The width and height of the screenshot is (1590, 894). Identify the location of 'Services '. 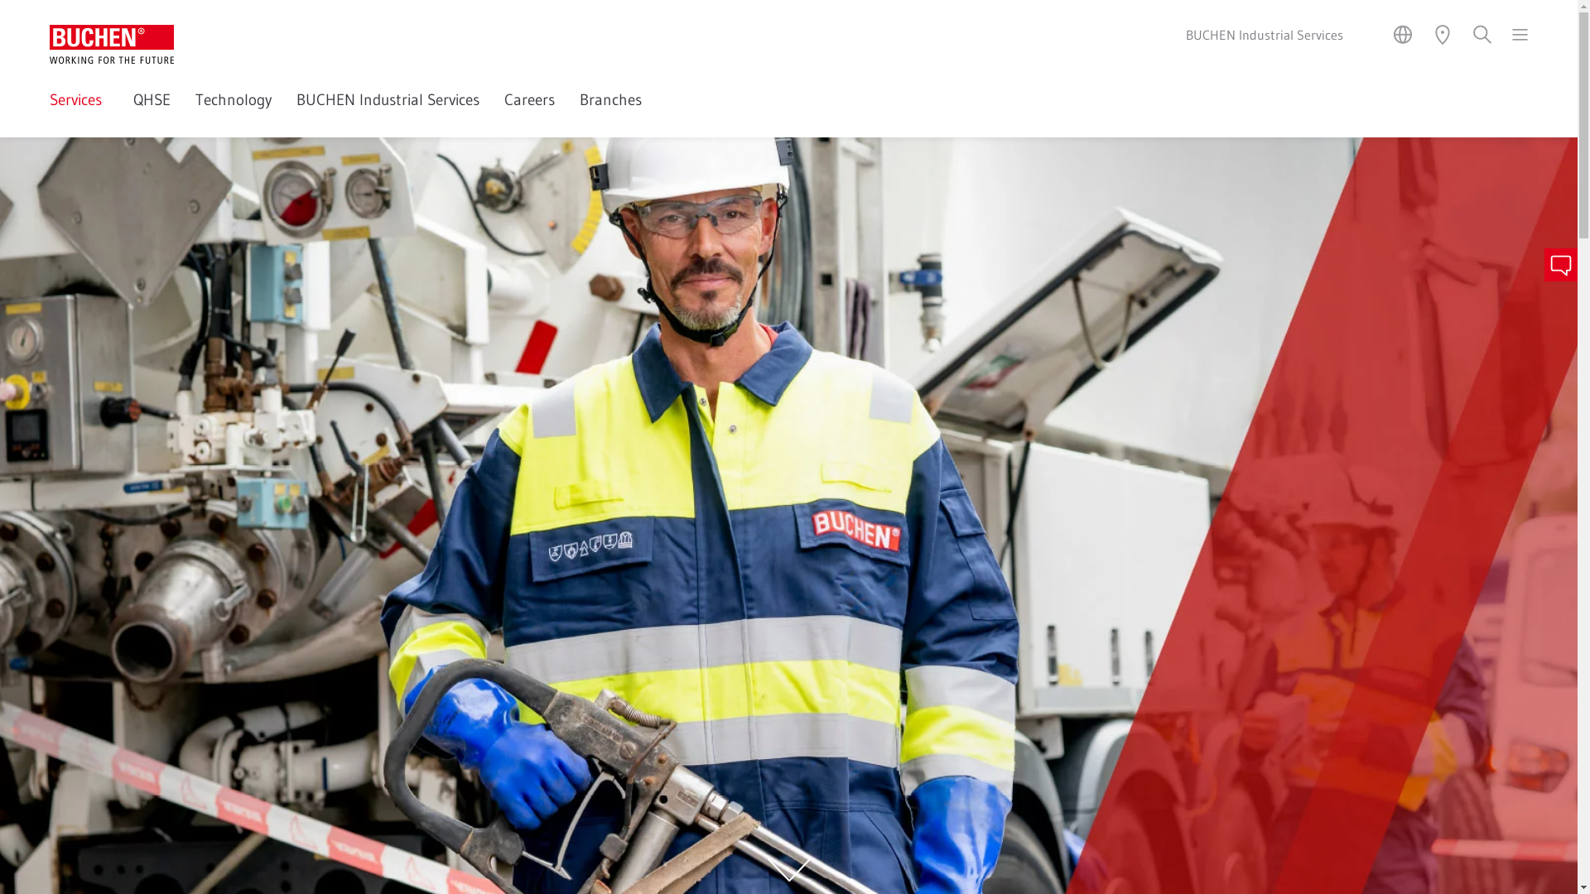
(49, 112).